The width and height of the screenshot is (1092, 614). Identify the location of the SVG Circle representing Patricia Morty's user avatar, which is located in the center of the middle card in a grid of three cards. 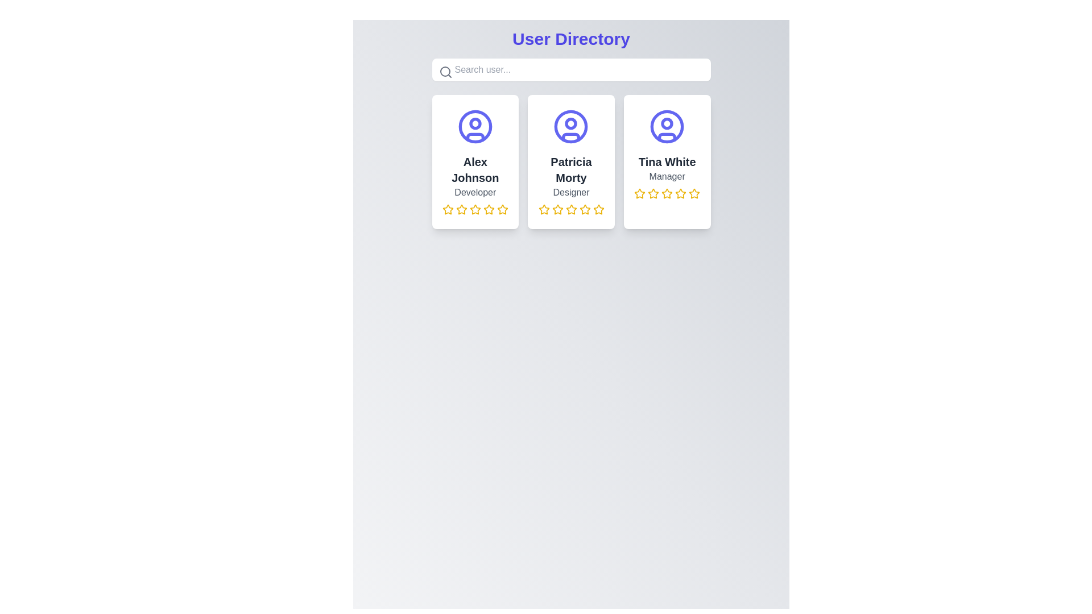
(571, 127).